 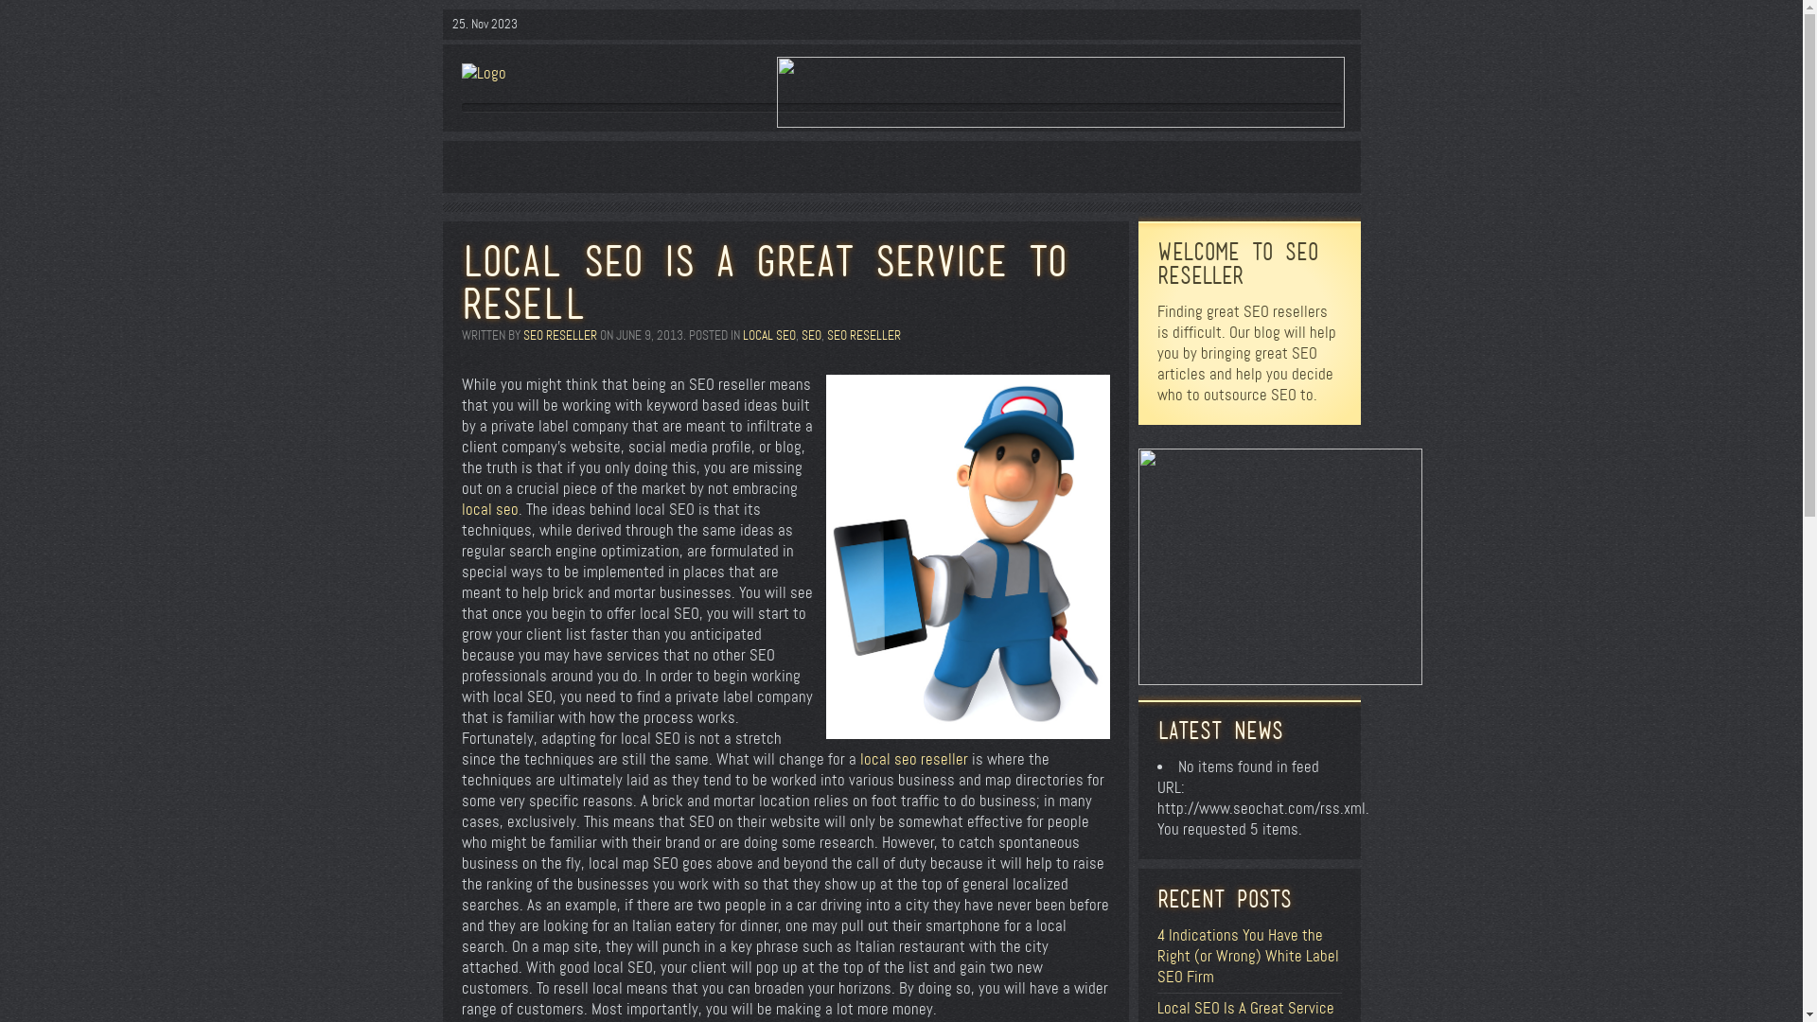 I want to click on 'LOCAL SEO', so click(x=767, y=334).